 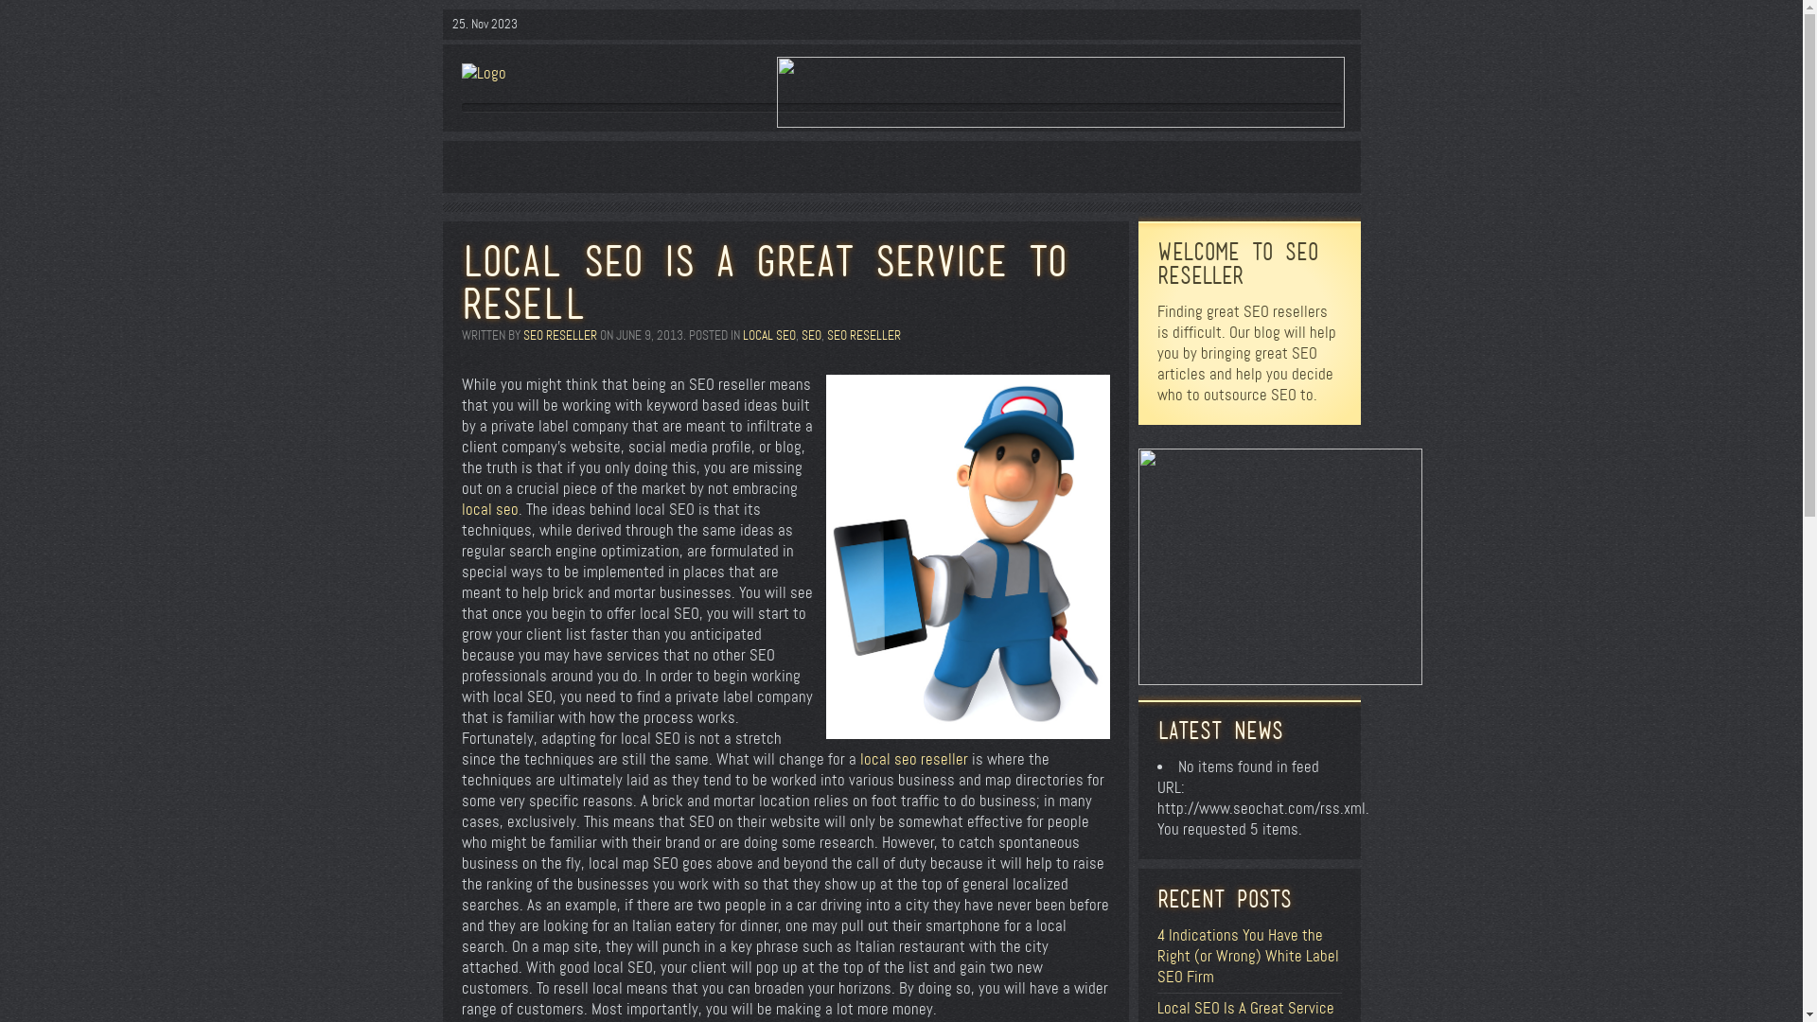 I want to click on 'LOCAL SEO', so click(x=767, y=334).